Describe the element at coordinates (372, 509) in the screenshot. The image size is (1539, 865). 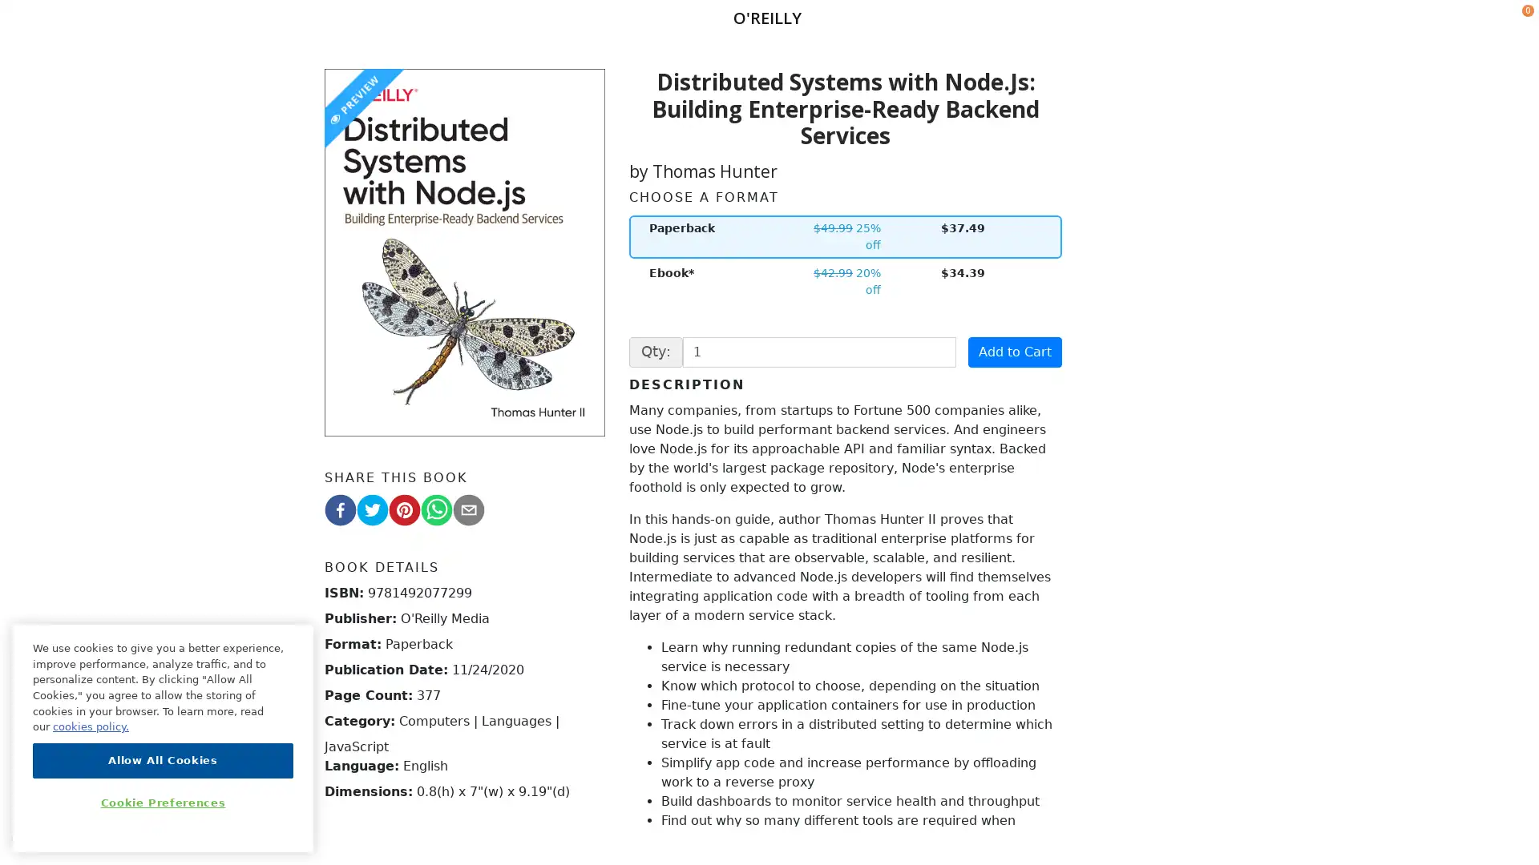
I see `twitter` at that location.